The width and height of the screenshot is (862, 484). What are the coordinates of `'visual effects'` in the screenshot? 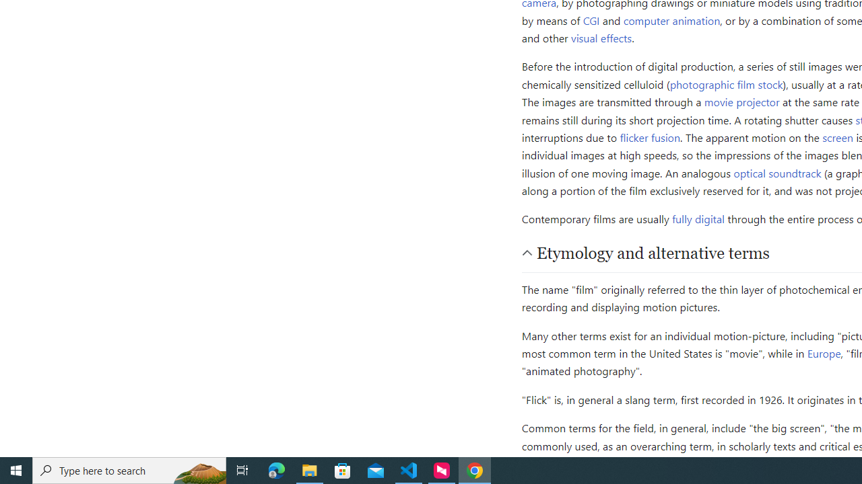 It's located at (601, 36).